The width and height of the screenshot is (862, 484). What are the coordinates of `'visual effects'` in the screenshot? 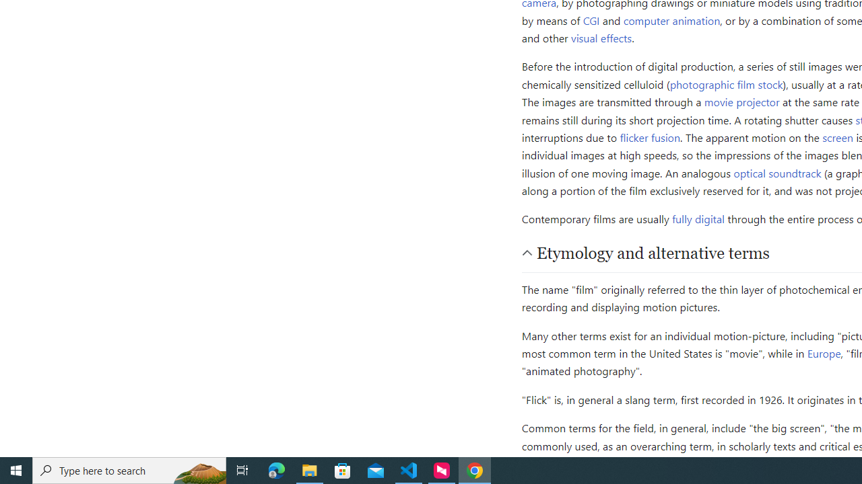 It's located at (601, 36).